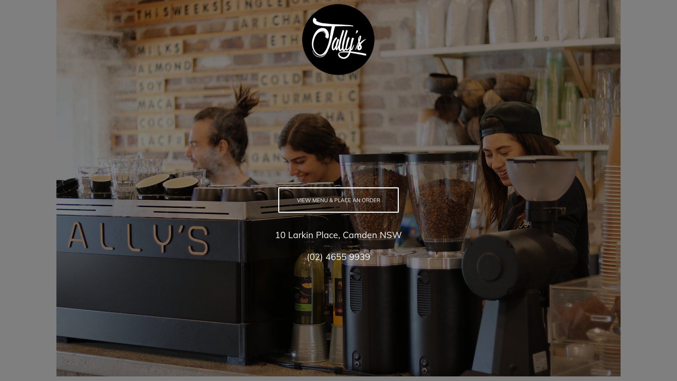 The image size is (677, 381). Describe the element at coordinates (338, 200) in the screenshot. I see `'VIEW MENU & PLACE AN ORDER'` at that location.